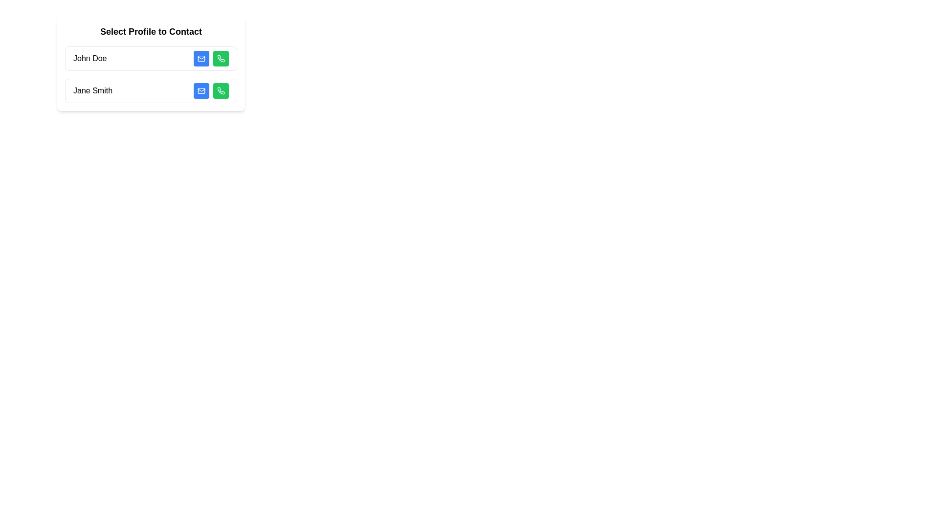  Describe the element at coordinates (201, 90) in the screenshot. I see `the mail button with a rounded shape and blue background` at that location.